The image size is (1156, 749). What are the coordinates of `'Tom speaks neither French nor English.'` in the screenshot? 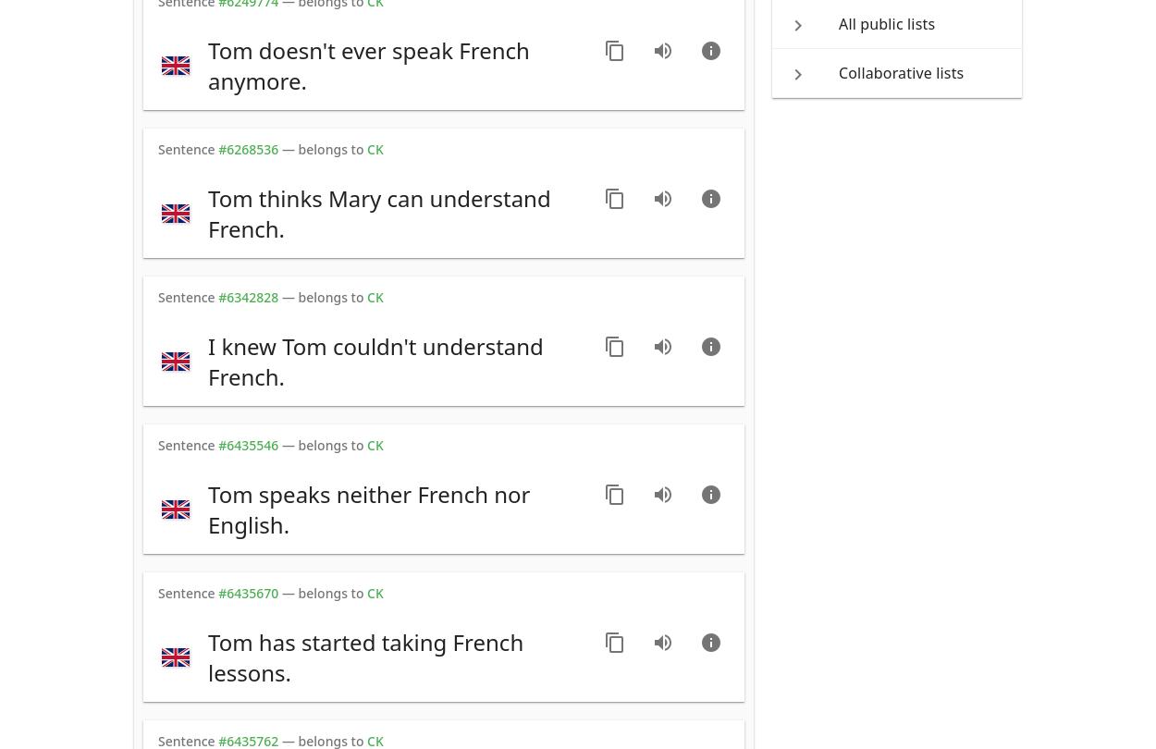 It's located at (369, 509).